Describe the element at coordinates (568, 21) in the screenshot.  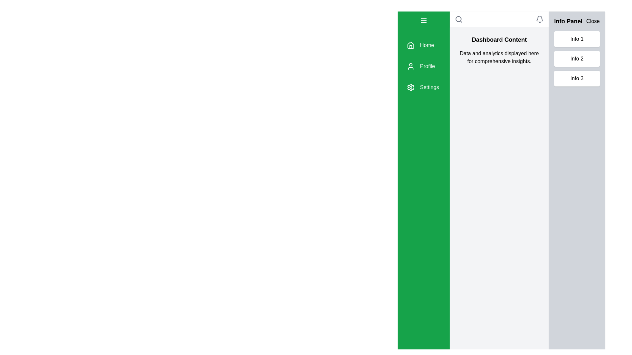
I see `the 'Info Panel' text label located at the top right of the interface, within a light grey panel` at that location.